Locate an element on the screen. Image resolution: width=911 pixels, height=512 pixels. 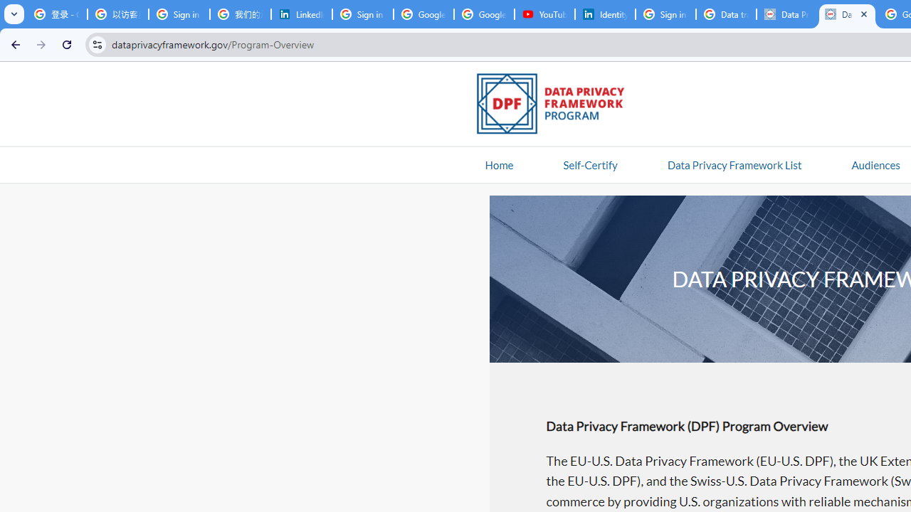
'Home' is located at coordinates (499, 164).